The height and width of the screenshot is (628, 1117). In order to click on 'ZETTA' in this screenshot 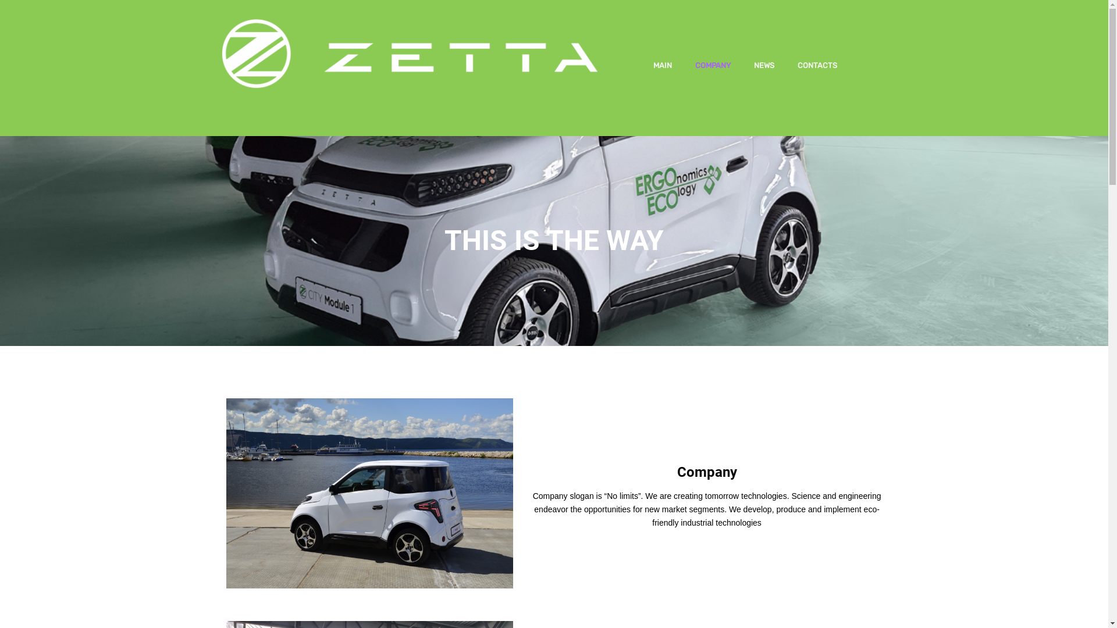, I will do `click(410, 67)`.